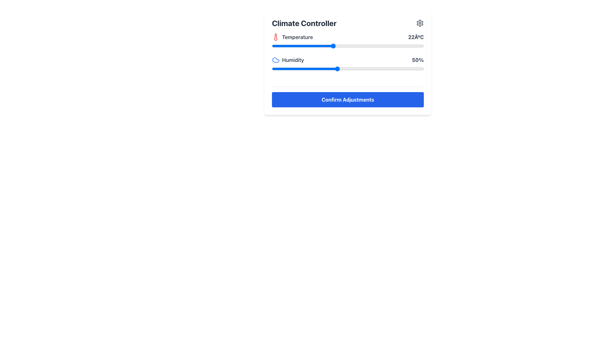 The width and height of the screenshot is (610, 343). What do you see at coordinates (276, 60) in the screenshot?
I see `the cloud-like icon located in the top-right corner of the 'Climate Controller' panel, indicating weather control or cloud-related operations` at bounding box center [276, 60].